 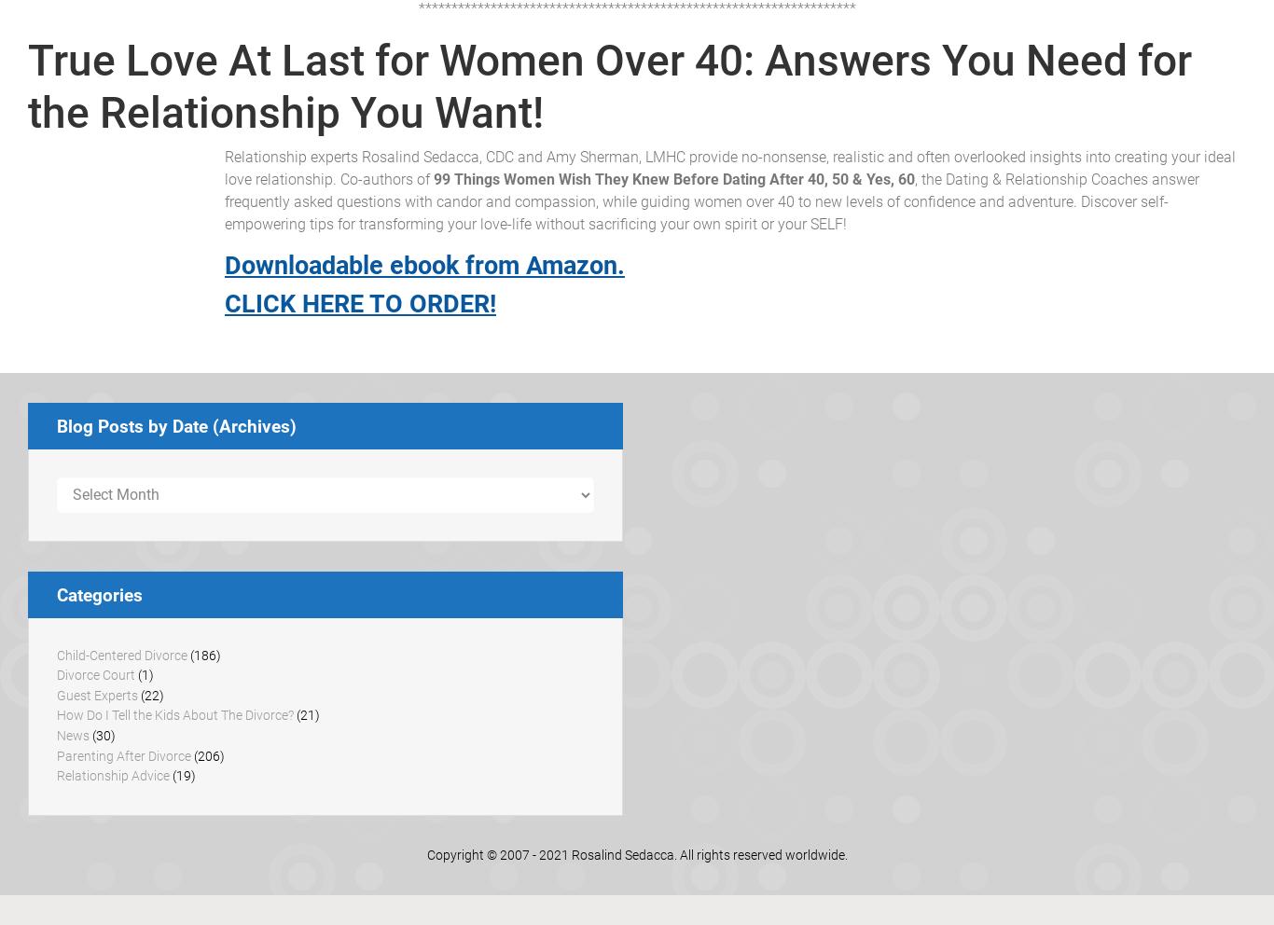 What do you see at coordinates (112, 775) in the screenshot?
I see `'Relationship Advice'` at bounding box center [112, 775].